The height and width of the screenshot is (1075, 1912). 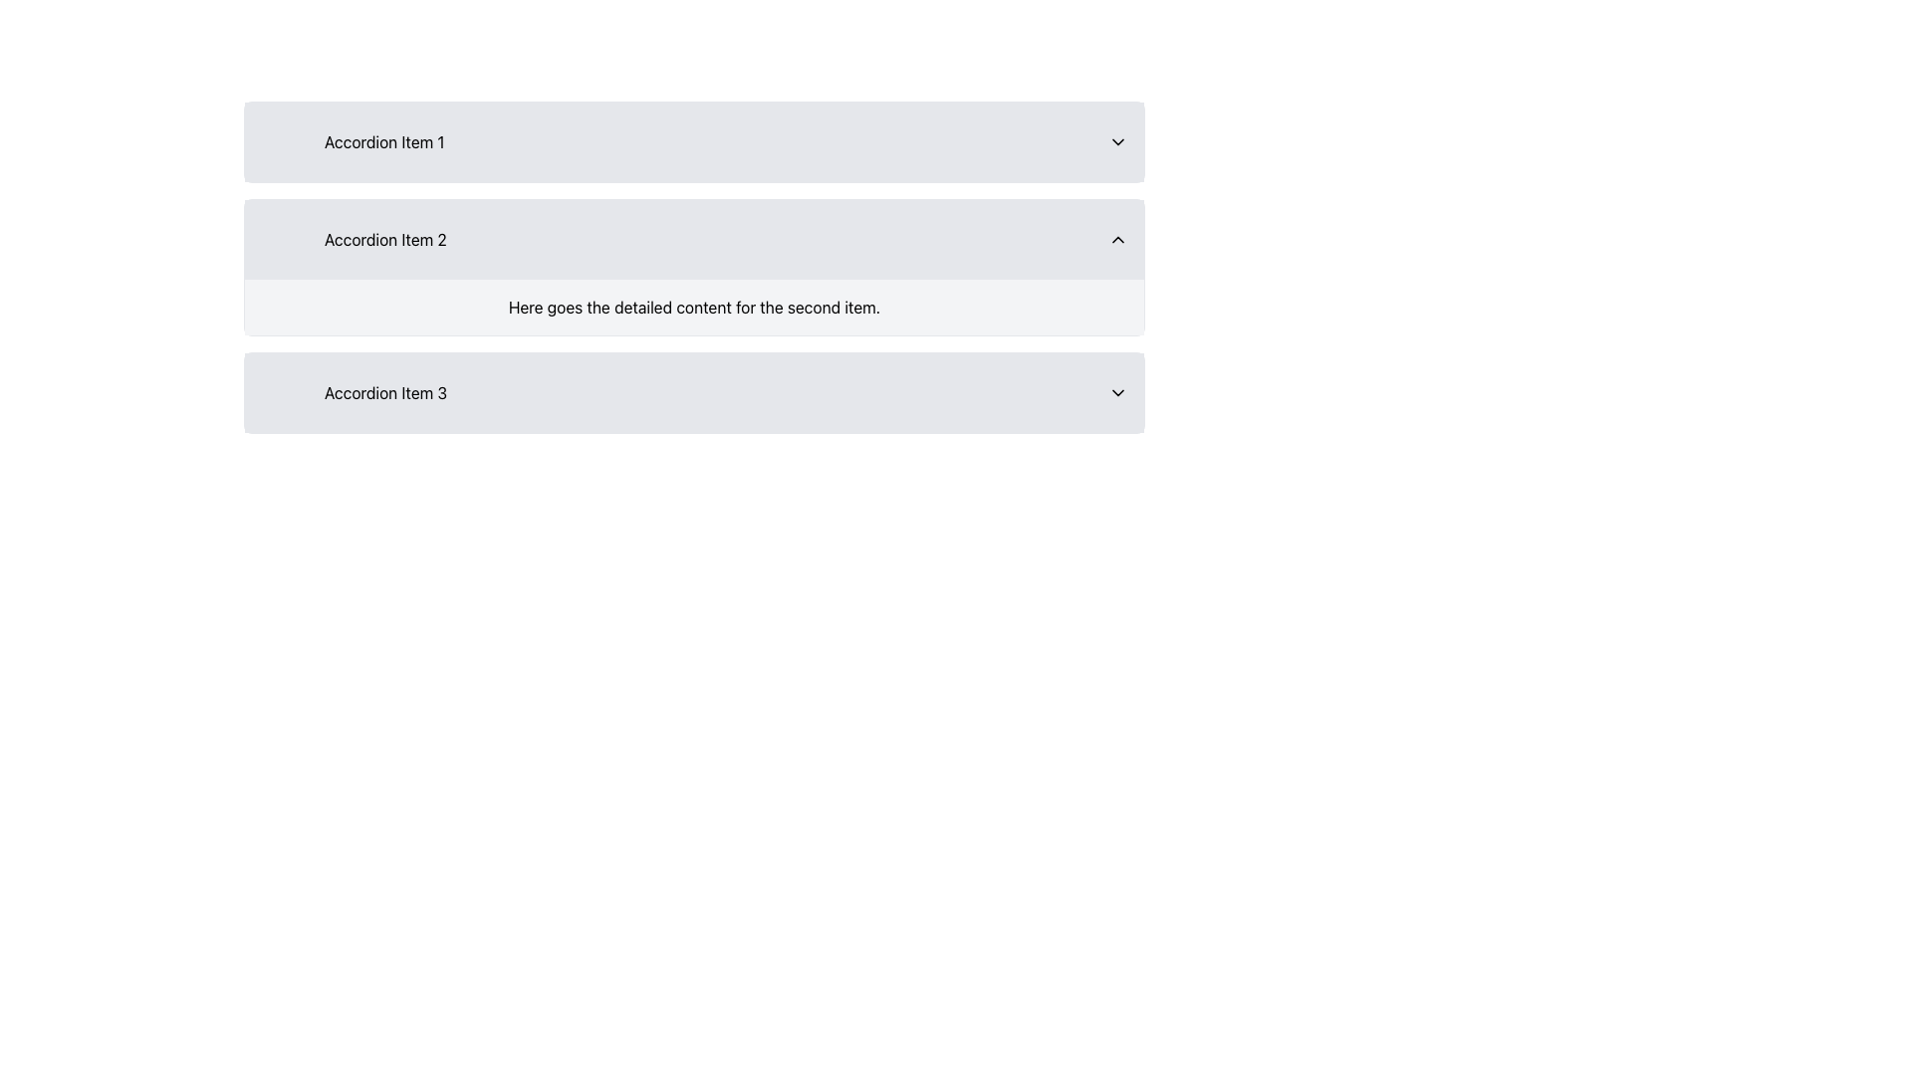 I want to click on the Text Label element displaying 'Accordion Item 2', so click(x=385, y=238).